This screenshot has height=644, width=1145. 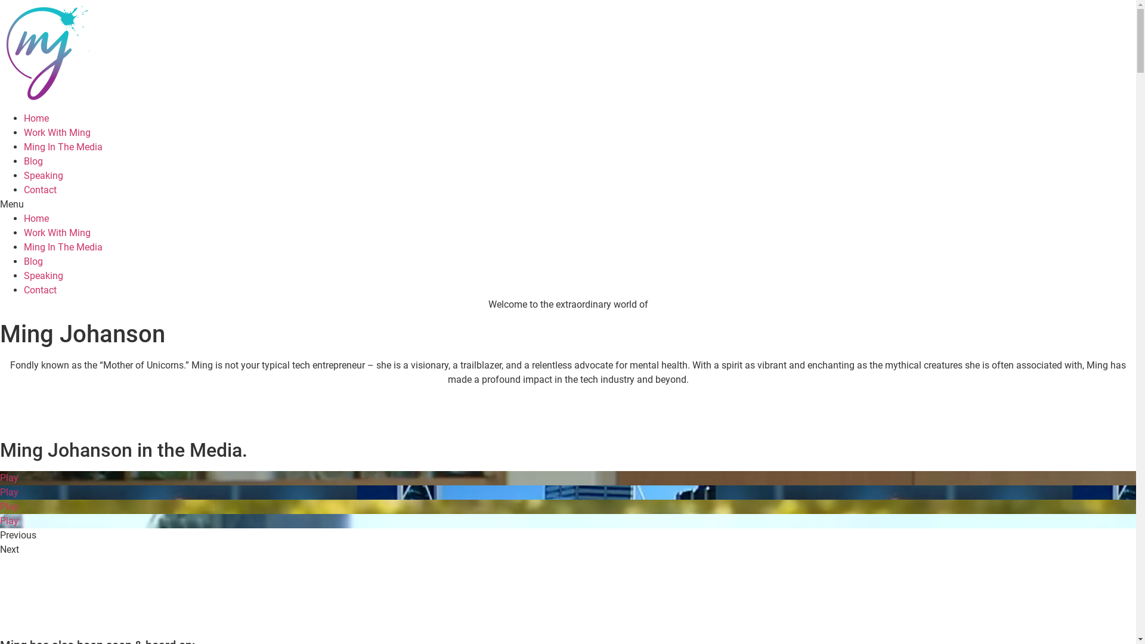 What do you see at coordinates (62, 146) in the screenshot?
I see `'Ming In The Media'` at bounding box center [62, 146].